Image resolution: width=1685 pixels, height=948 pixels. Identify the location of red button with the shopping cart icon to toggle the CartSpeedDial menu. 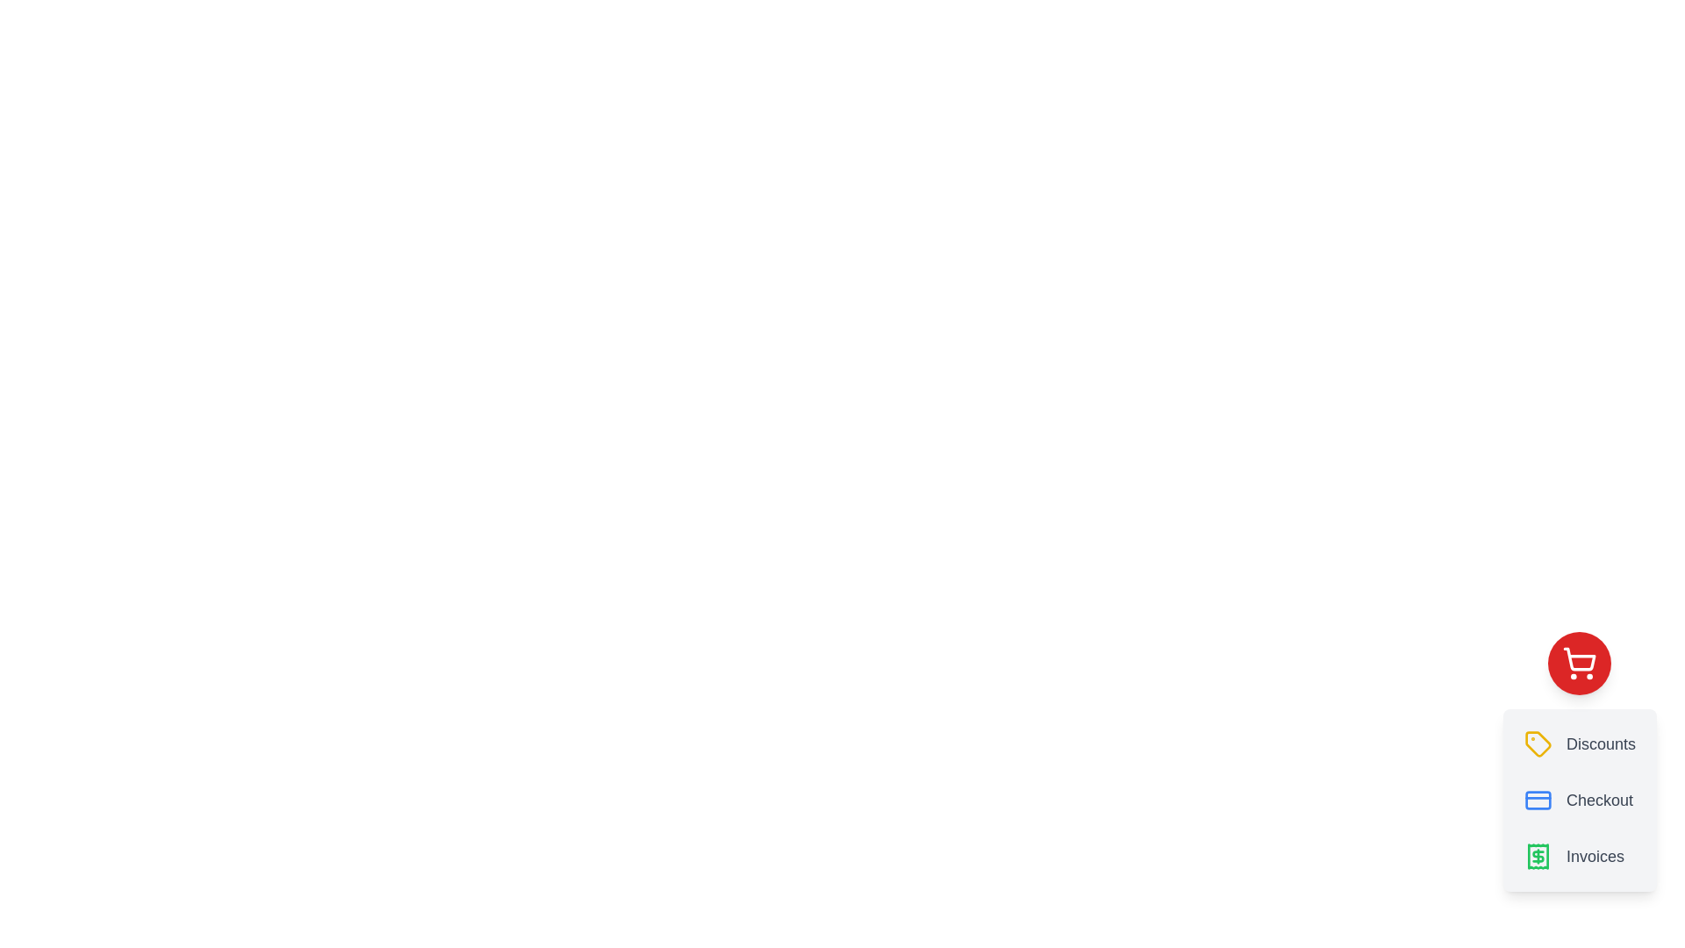
(1580, 664).